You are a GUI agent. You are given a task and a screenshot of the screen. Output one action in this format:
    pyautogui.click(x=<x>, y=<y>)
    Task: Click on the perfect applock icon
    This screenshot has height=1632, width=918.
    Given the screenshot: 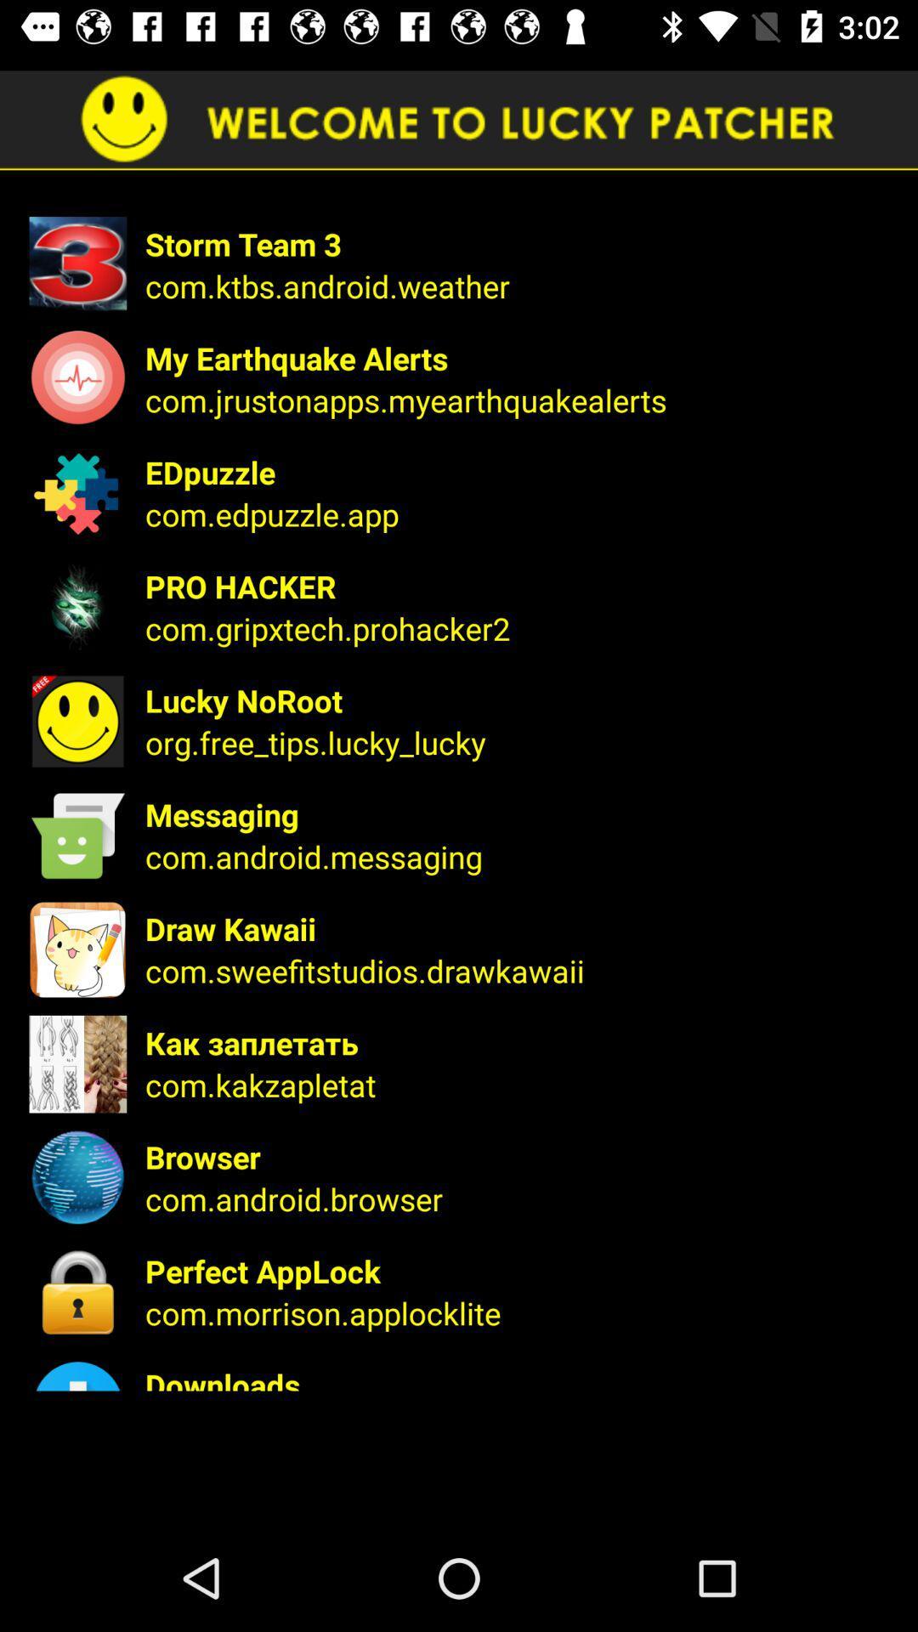 What is the action you would take?
    pyautogui.click(x=519, y=1271)
    